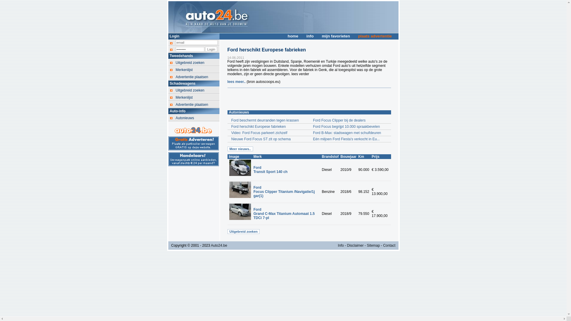 Image resolution: width=571 pixels, height=321 pixels. Describe the element at coordinates (236, 81) in the screenshot. I see `'lees meer..'` at that location.